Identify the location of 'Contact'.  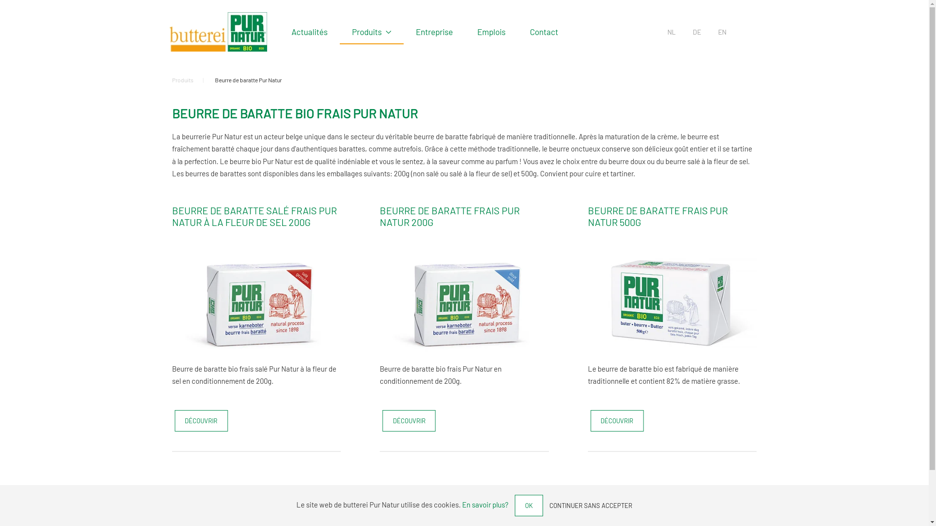
(544, 31).